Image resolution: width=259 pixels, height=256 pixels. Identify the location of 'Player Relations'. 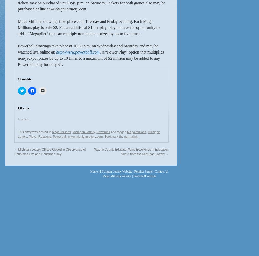
(39, 136).